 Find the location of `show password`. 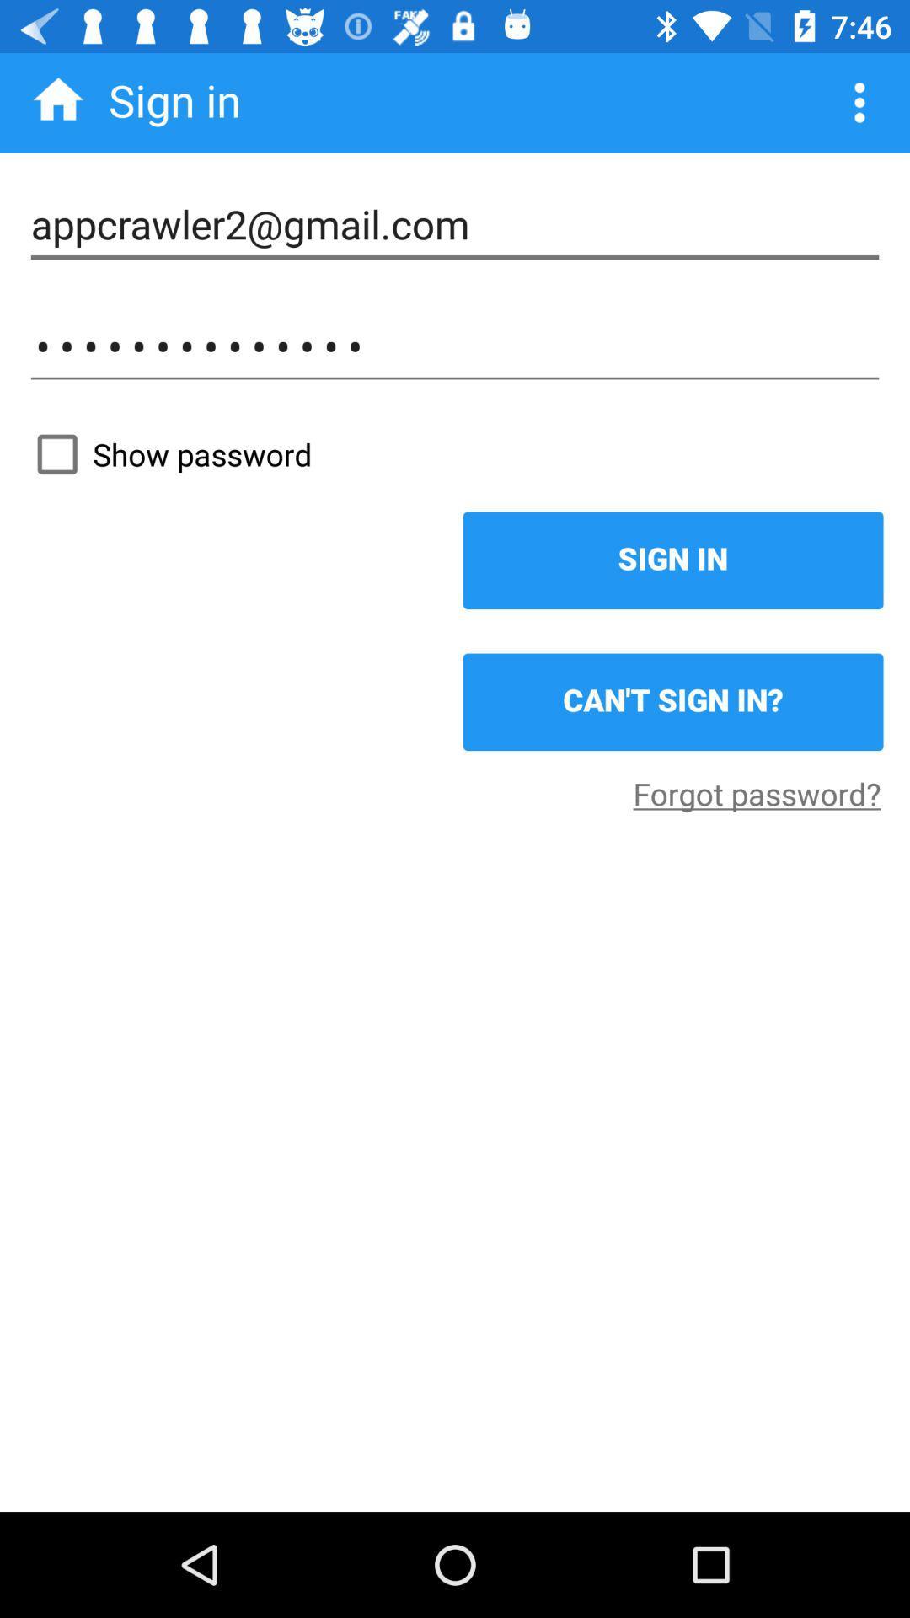

show password is located at coordinates (455, 454).